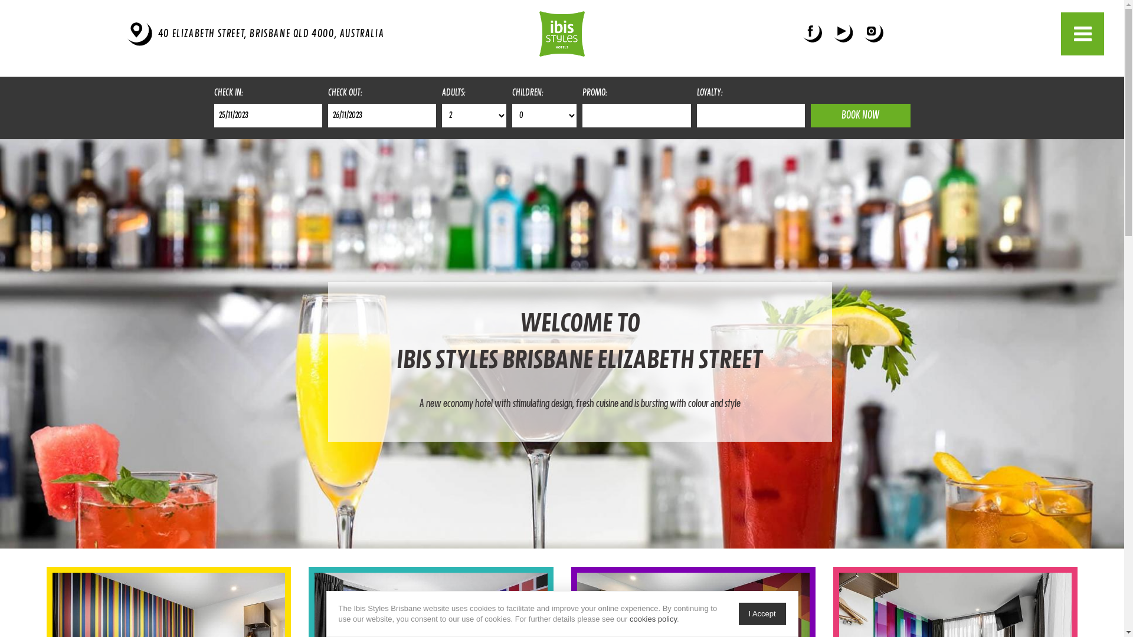  What do you see at coordinates (561, 33) in the screenshot?
I see `'ibis styles logo'` at bounding box center [561, 33].